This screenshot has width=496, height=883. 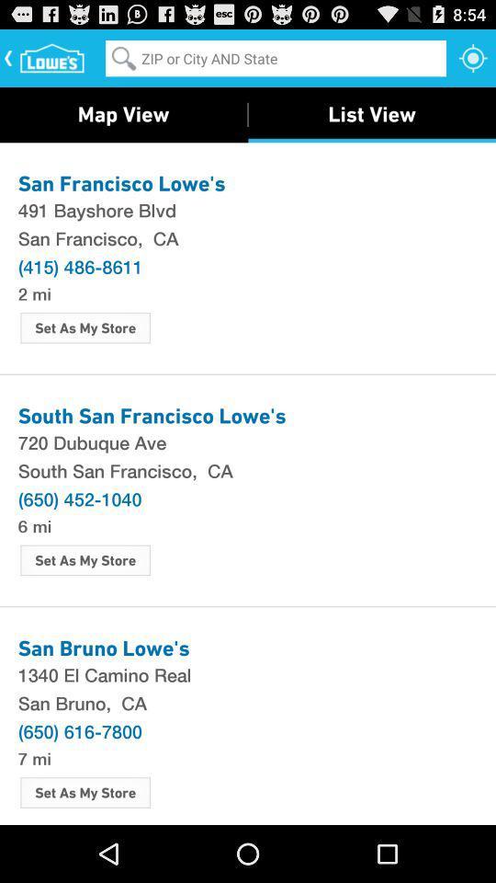 What do you see at coordinates (248, 210) in the screenshot?
I see `491 bayshore blvd` at bounding box center [248, 210].